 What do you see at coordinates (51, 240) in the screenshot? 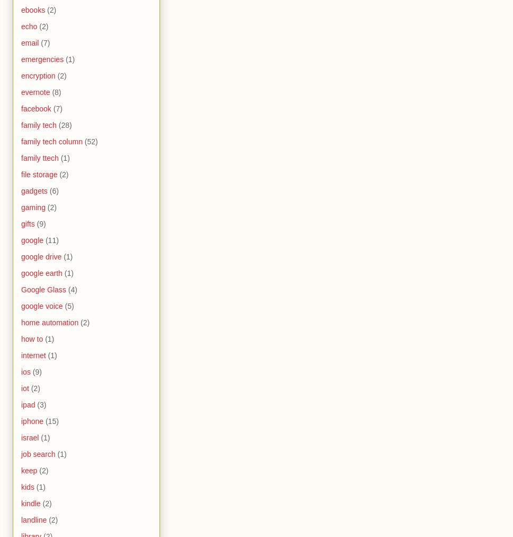
I see `'(11)'` at bounding box center [51, 240].